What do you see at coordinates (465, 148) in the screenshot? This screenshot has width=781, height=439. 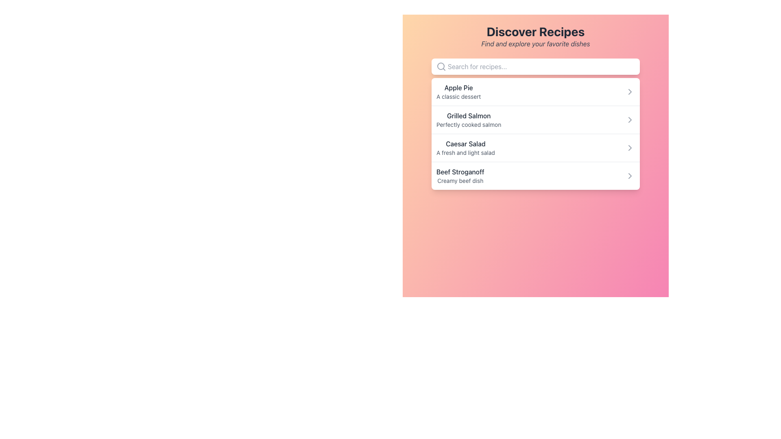 I see `the 'Caesar Salad' menu item located under the 'Discover Recipes' section` at bounding box center [465, 148].